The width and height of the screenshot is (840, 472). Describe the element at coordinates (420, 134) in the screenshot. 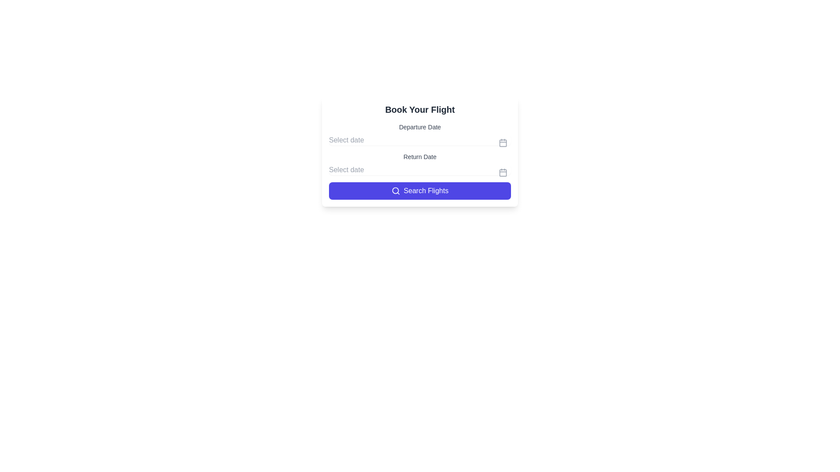

I see `the 'Departure Date' label, which is styled in a medium-sized gray font and positioned above the input field in the 'Book Your Flight' interface` at that location.